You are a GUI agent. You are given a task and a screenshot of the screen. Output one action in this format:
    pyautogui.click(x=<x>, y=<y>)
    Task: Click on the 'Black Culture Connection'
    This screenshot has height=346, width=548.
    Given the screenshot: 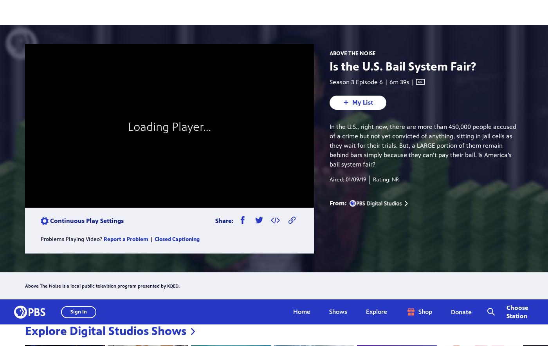 What is the action you would take?
    pyautogui.click(x=269, y=252)
    